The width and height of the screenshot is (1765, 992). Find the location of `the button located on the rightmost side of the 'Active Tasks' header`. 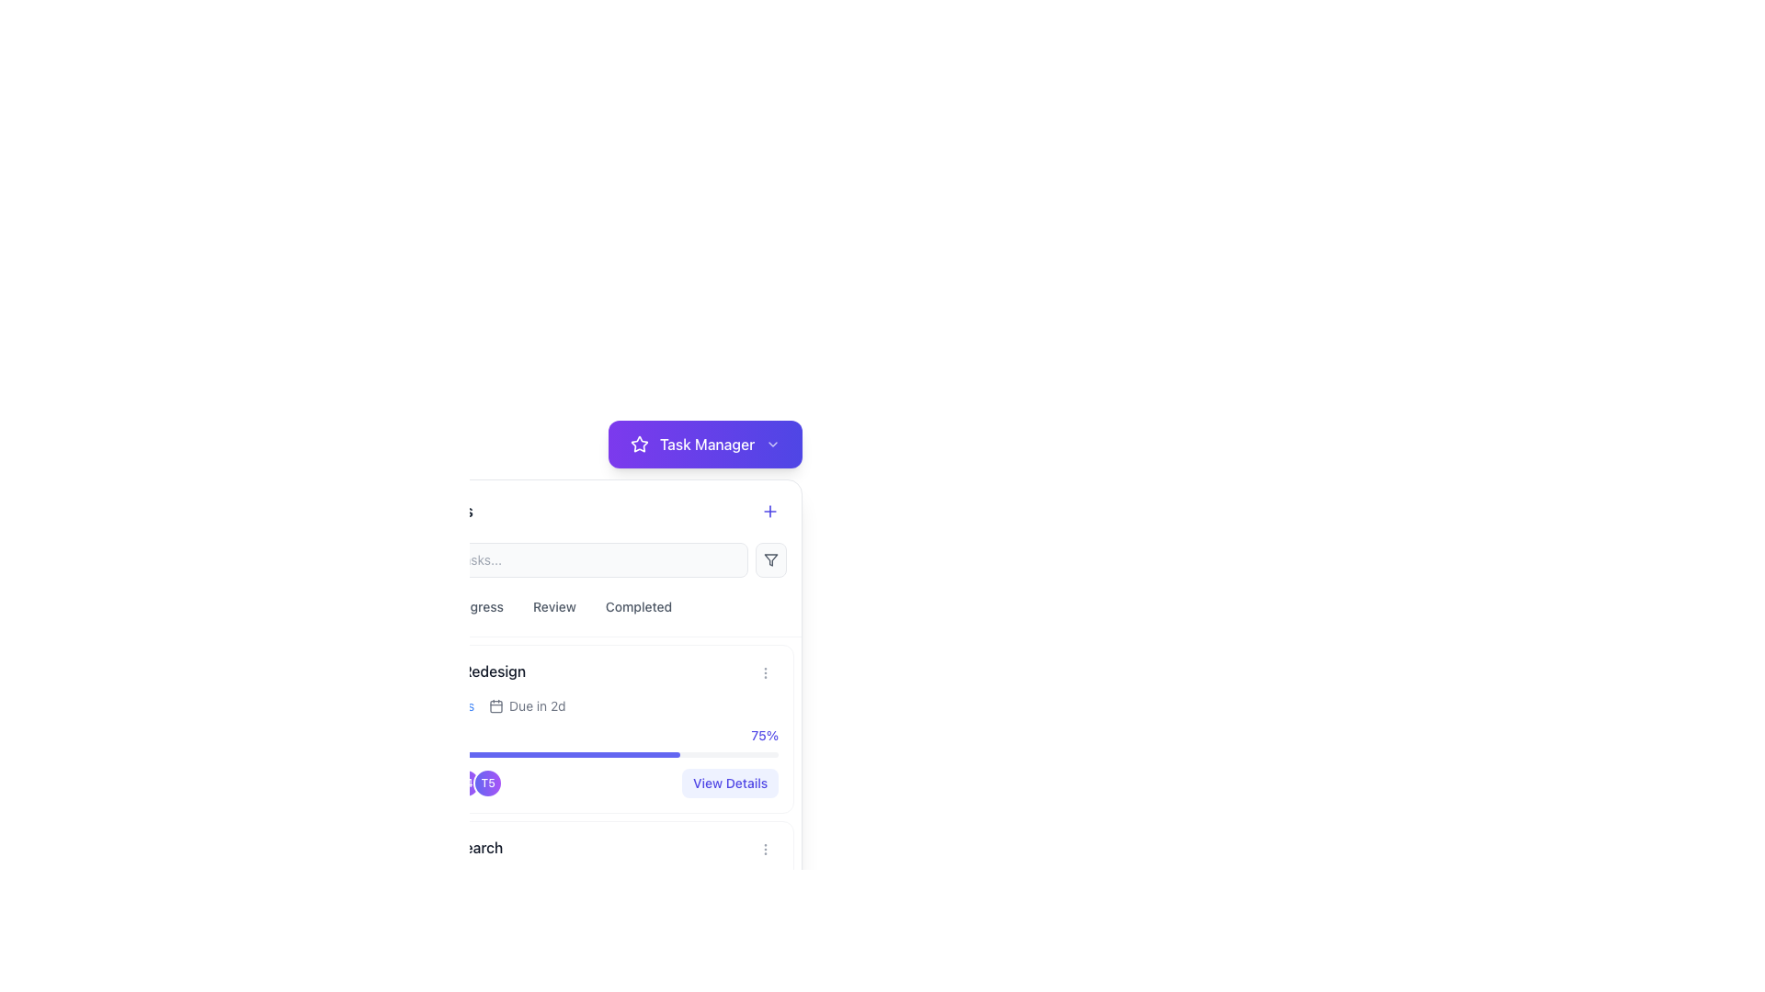

the button located on the rightmost side of the 'Active Tasks' header is located at coordinates (770, 511).